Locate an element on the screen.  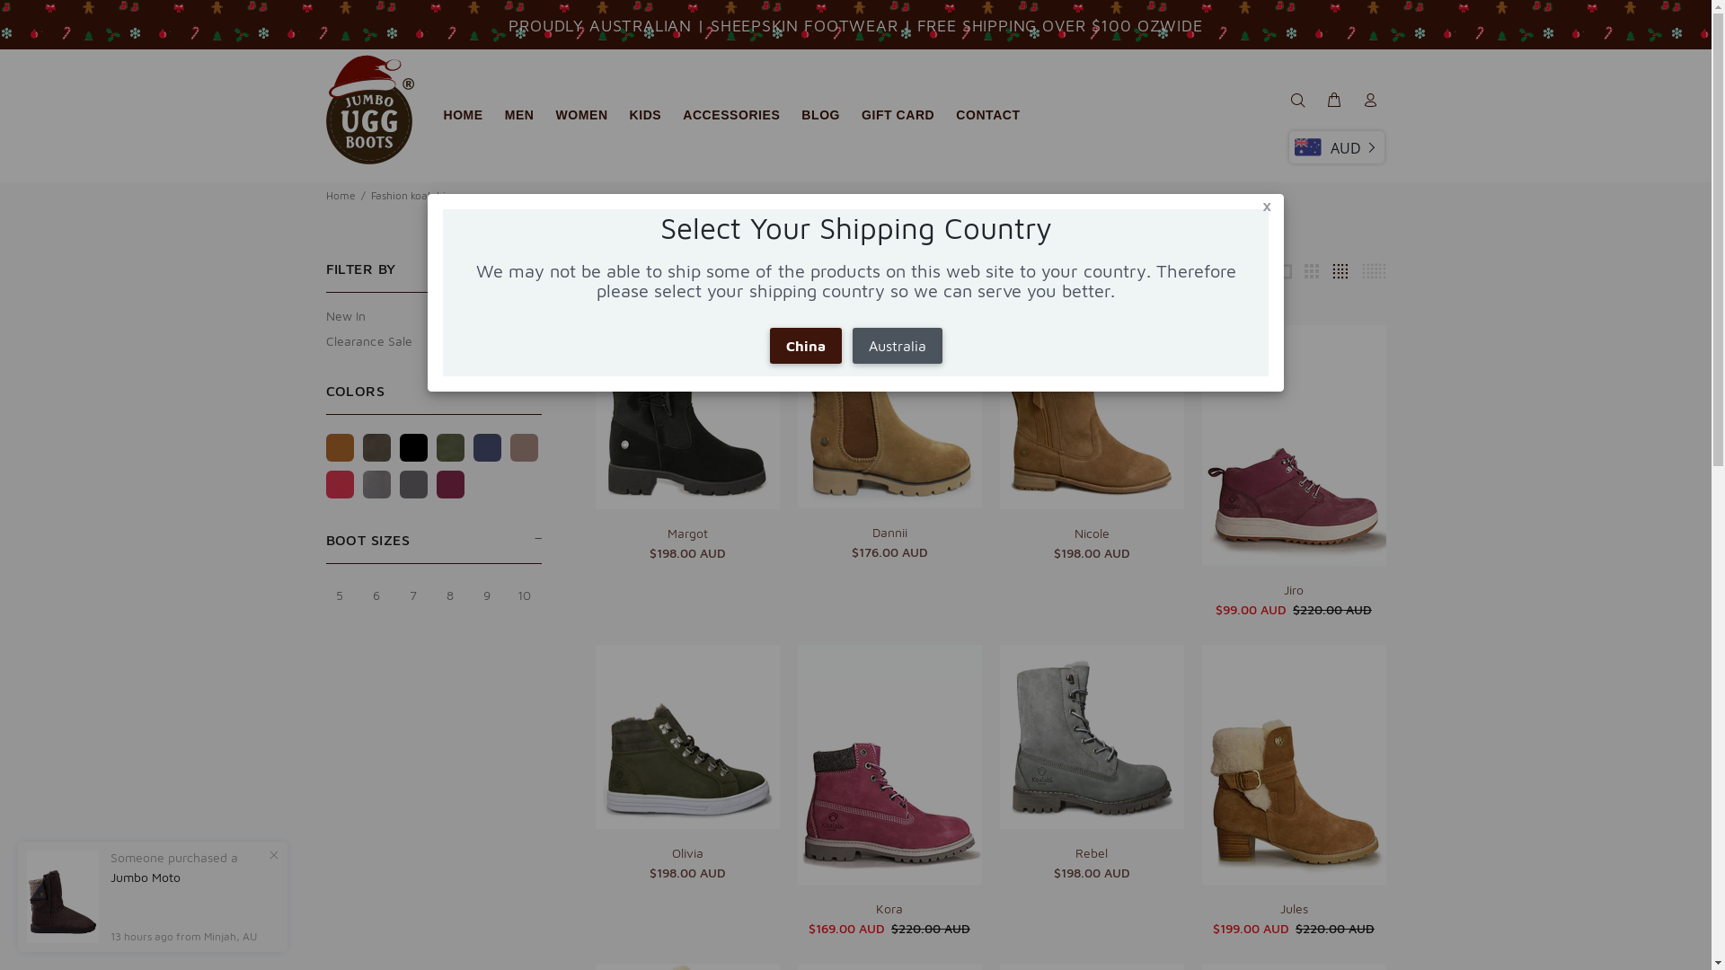
'Grey' is located at coordinates (361, 483).